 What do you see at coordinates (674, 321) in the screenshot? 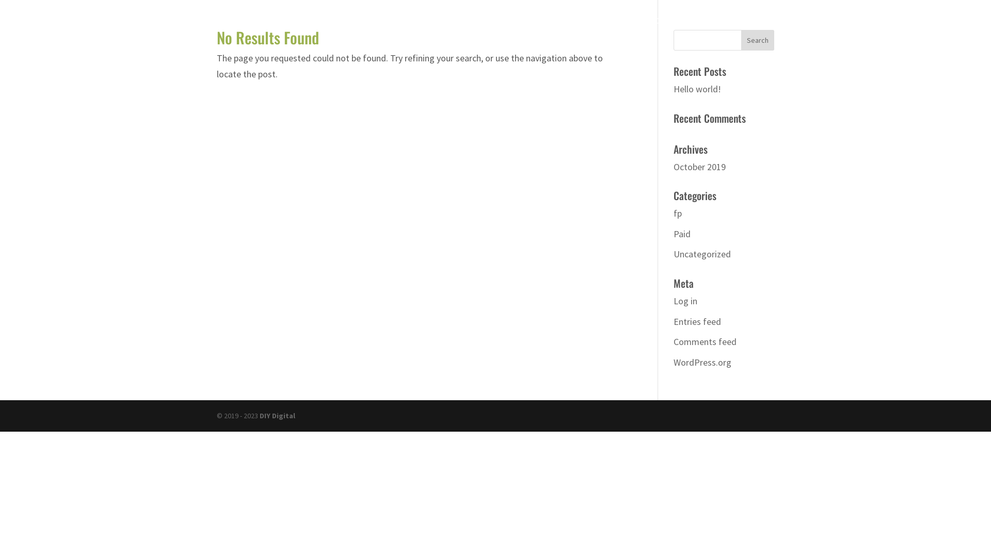
I see `'Entries feed'` at bounding box center [674, 321].